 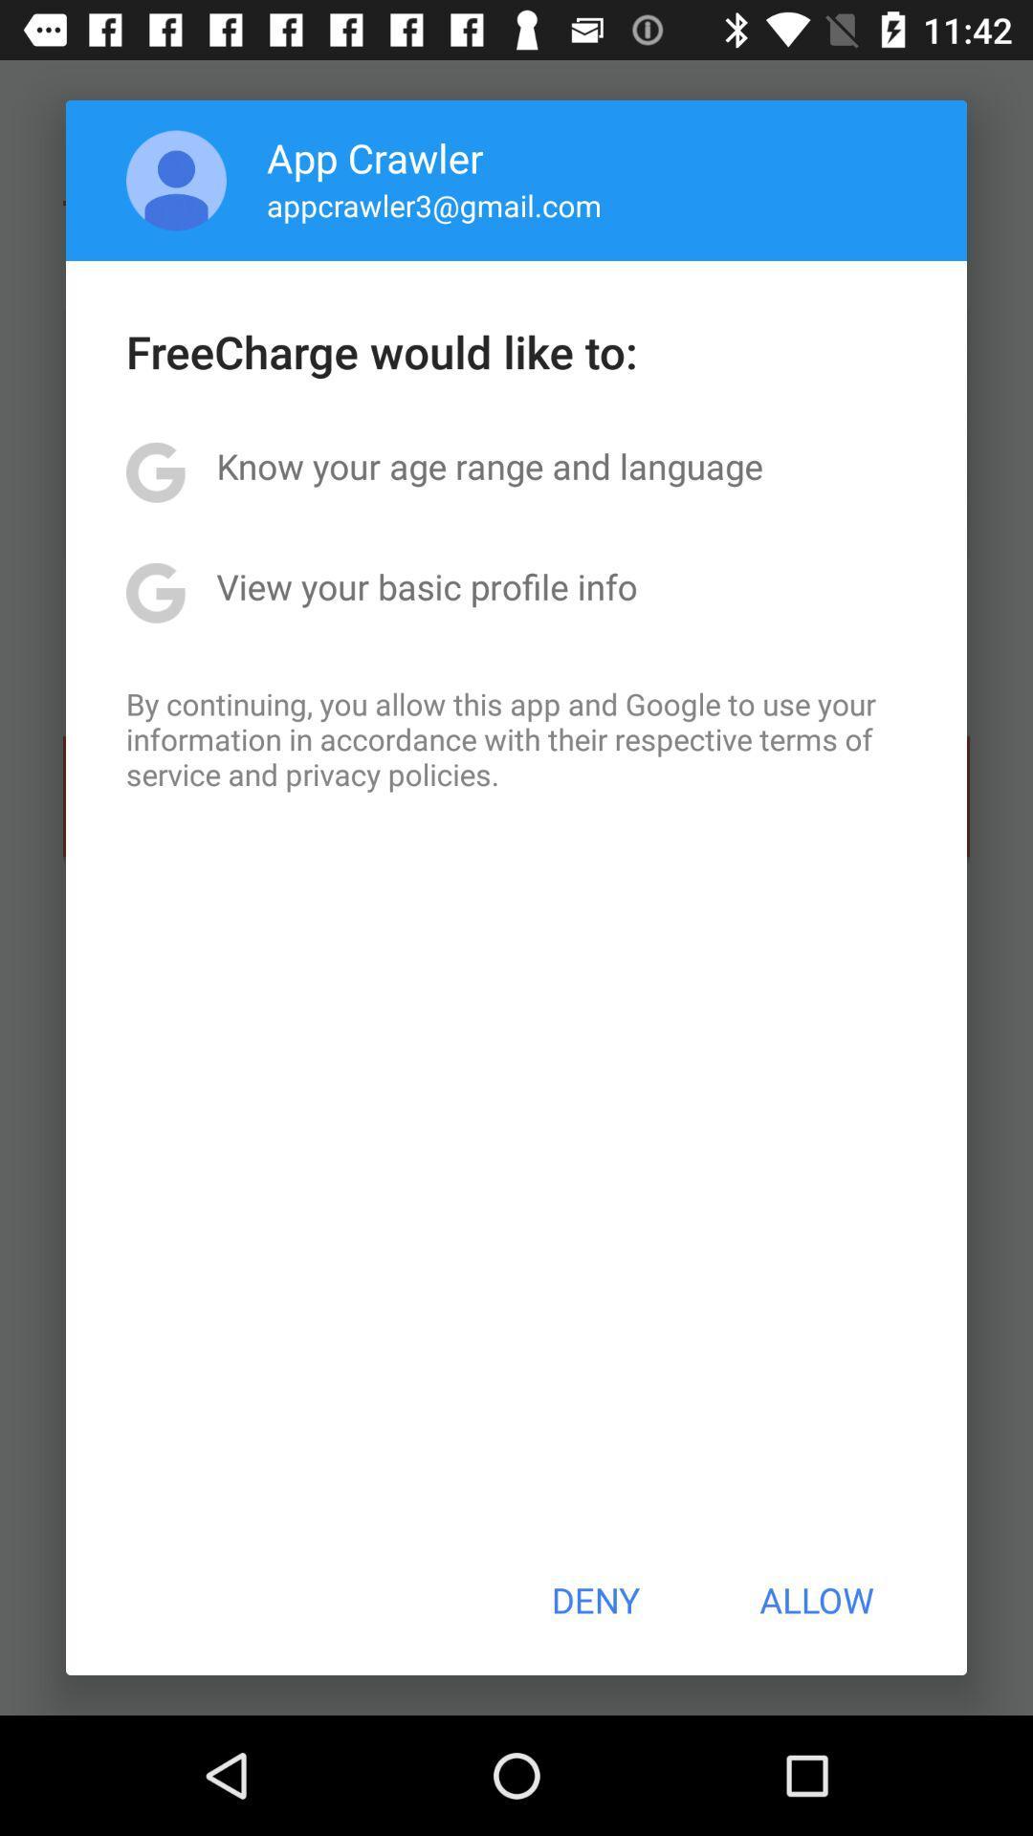 What do you see at coordinates (176, 180) in the screenshot?
I see `app next to the app crawler` at bounding box center [176, 180].